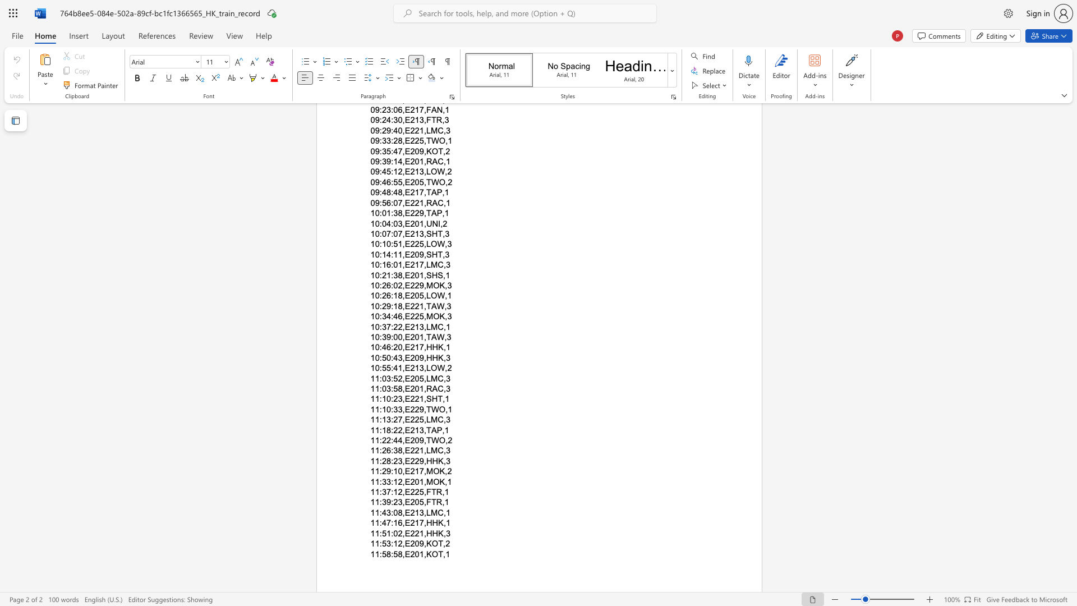  Describe the element at coordinates (391, 543) in the screenshot. I see `the subset text ":12,E209,KOT,2" within the text "11:53:12,E209,KOT,2"` at that location.